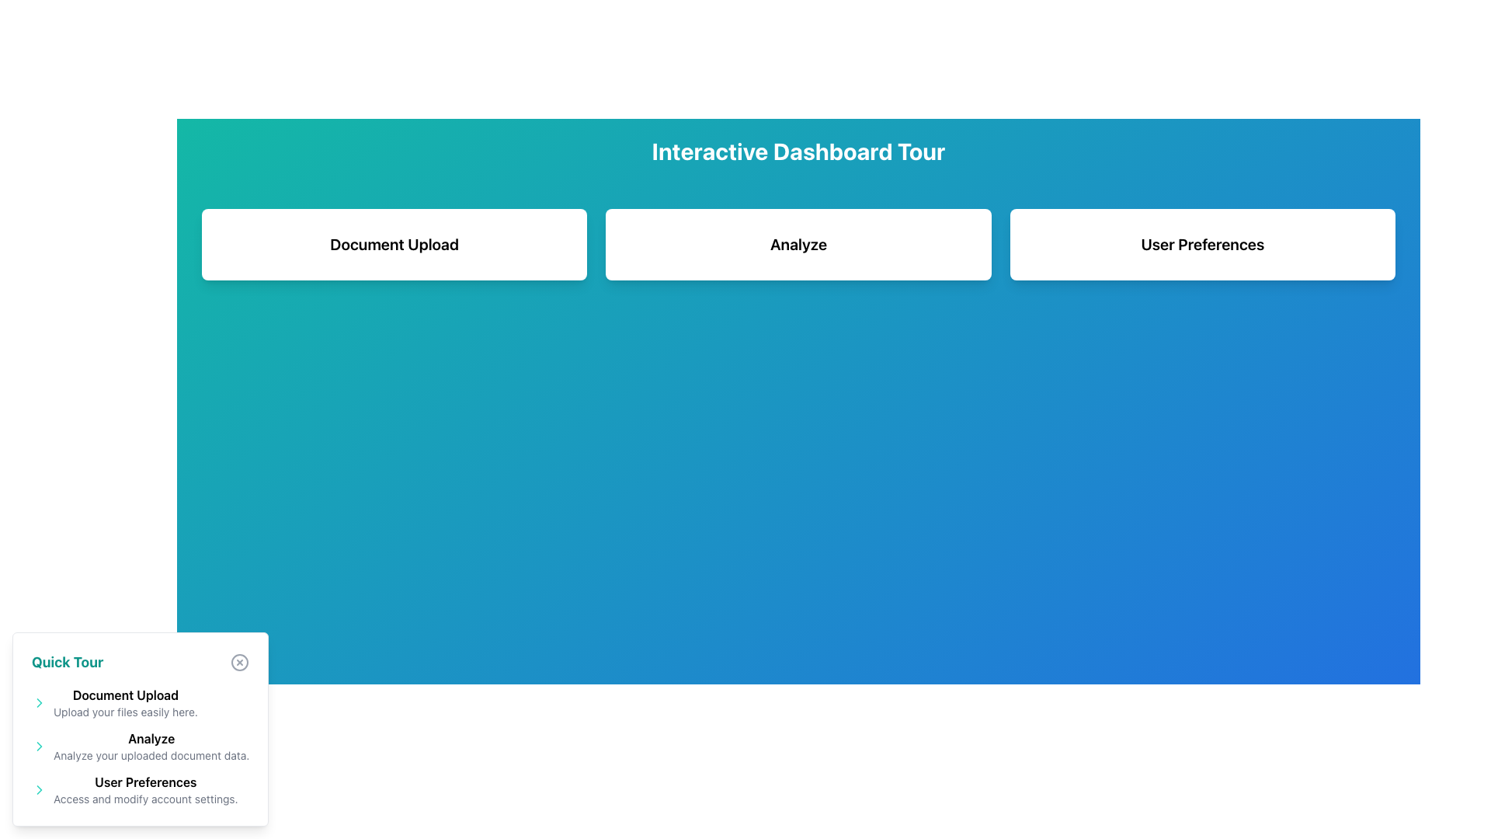 The height and width of the screenshot is (839, 1491). I want to click on the text label displaying 'Analyze' in bold, large-sized font, located in the center of the white card component, so click(798, 245).